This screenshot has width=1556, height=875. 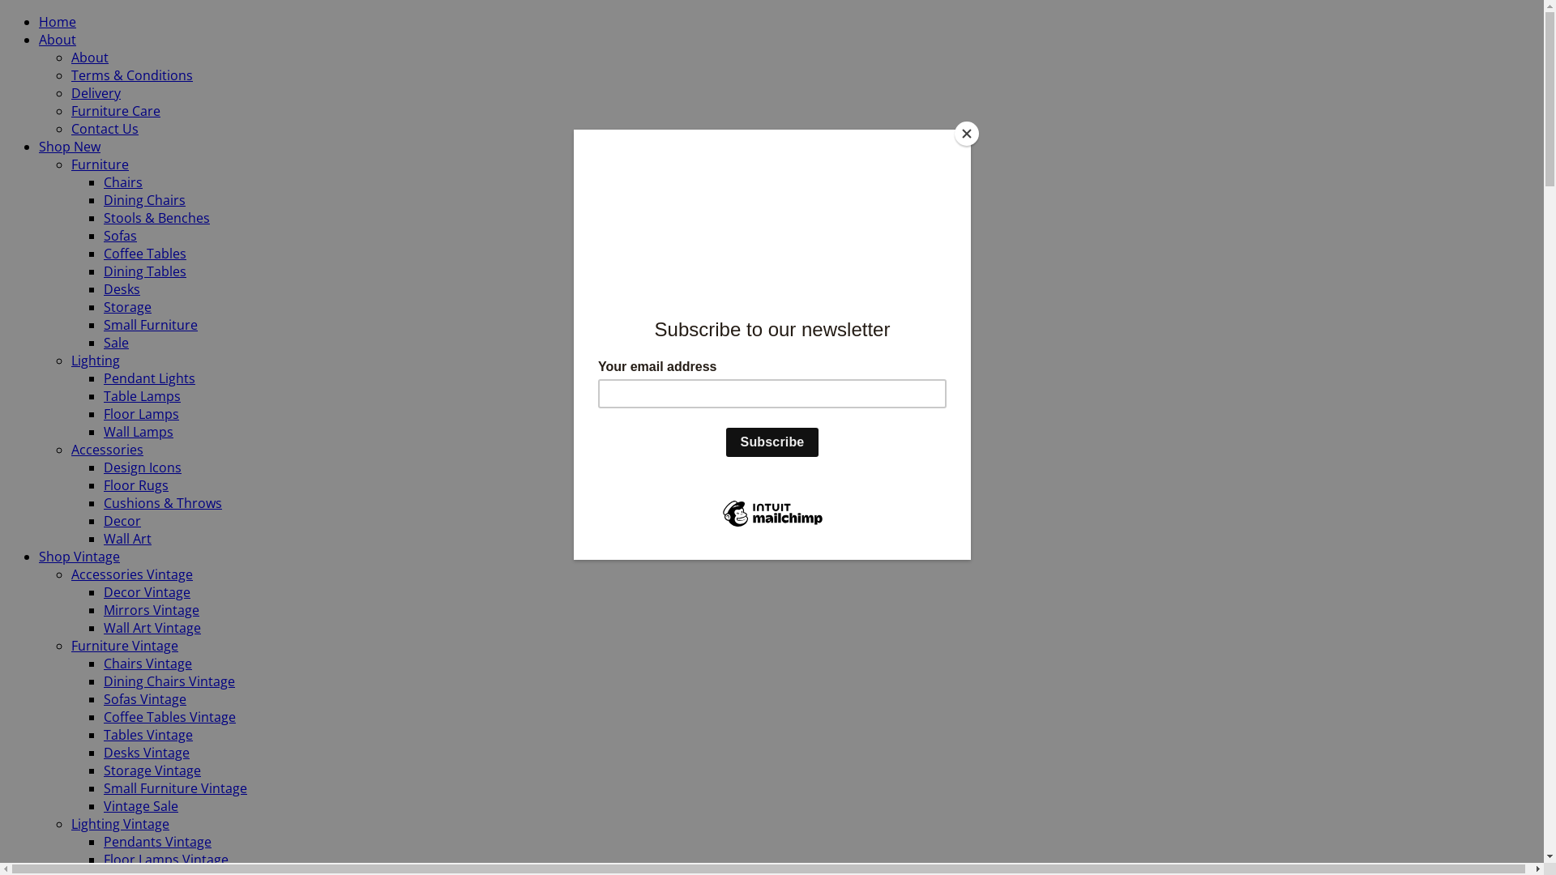 I want to click on 'Desks', so click(x=121, y=288).